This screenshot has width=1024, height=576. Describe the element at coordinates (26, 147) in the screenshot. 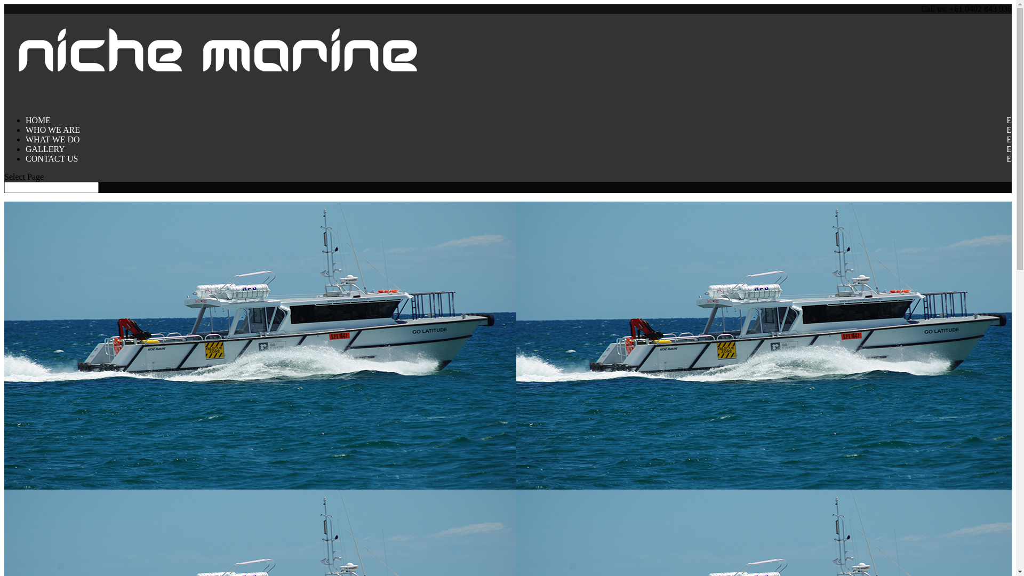

I see `'WHAT WE DO'` at that location.